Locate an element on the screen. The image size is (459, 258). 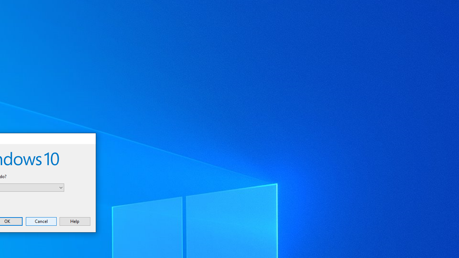
'Cancel' is located at coordinates (41, 221).